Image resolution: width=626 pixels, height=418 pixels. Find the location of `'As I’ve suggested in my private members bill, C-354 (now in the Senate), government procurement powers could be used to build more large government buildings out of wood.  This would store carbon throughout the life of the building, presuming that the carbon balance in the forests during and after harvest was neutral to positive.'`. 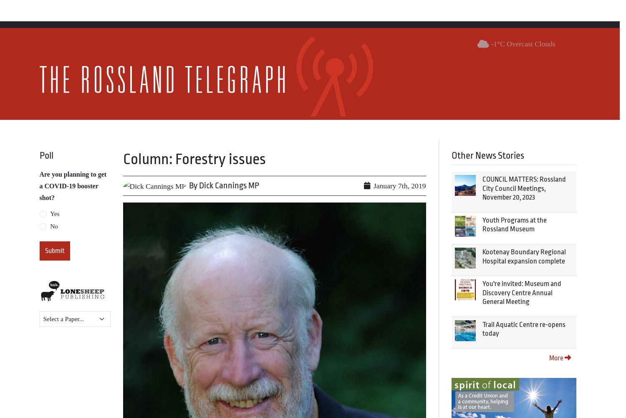

'As I’ve suggested in my private members bill, C-354 (now in the Senate), government procurement powers could be used to build more large government buildings out of wood.  This would store carbon throughout the life of the building, presuming that the carbon balance in the forests during and after harvest was neutral to positive.' is located at coordinates (273, 110).